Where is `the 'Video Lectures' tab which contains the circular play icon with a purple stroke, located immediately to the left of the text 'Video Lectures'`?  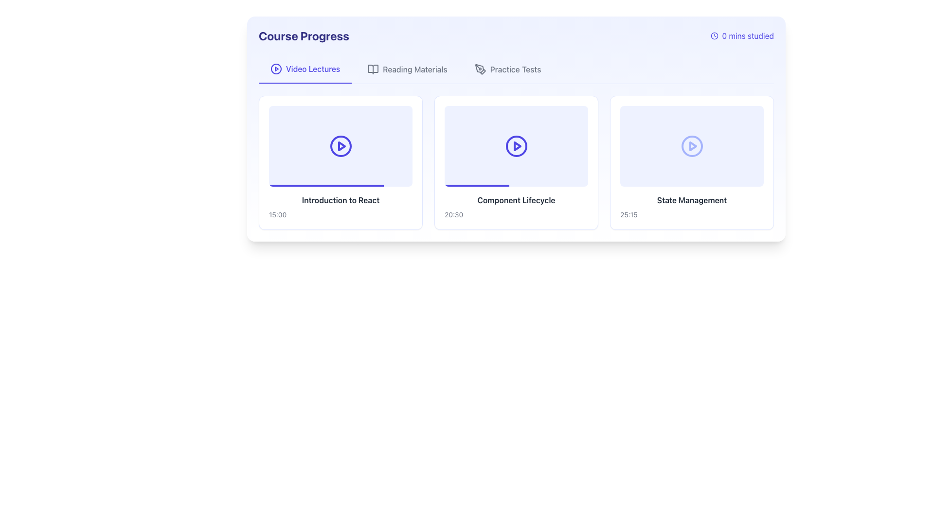 the 'Video Lectures' tab which contains the circular play icon with a purple stroke, located immediately to the left of the text 'Video Lectures' is located at coordinates (275, 69).